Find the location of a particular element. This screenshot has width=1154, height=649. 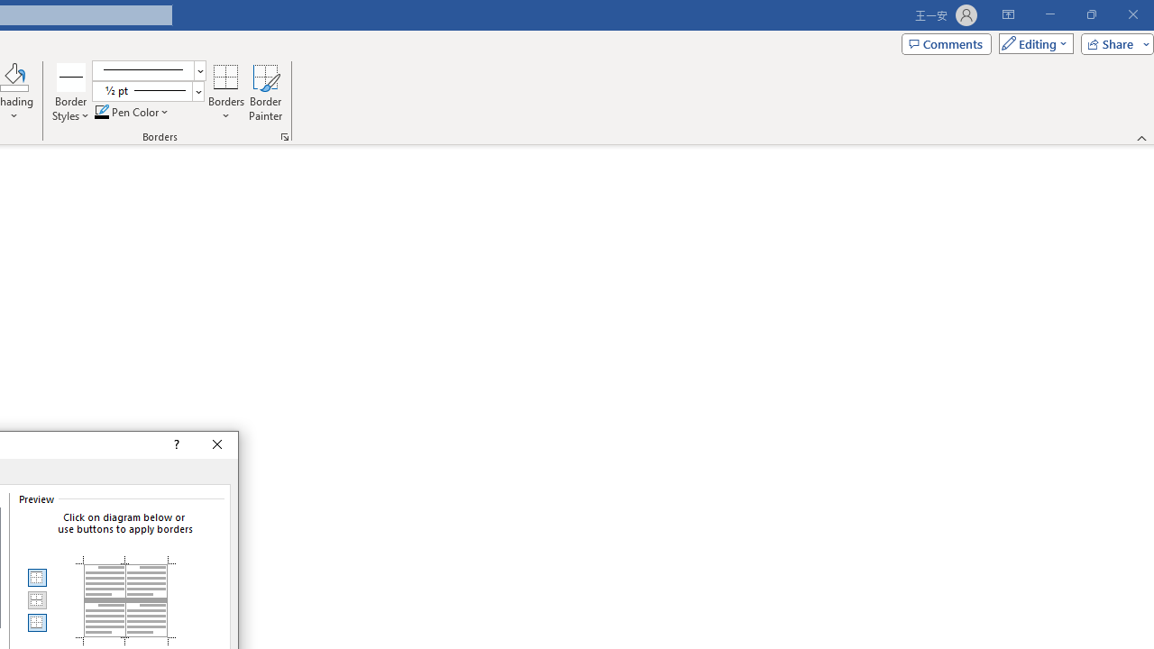

'Ribbon Display Options' is located at coordinates (1007, 14).